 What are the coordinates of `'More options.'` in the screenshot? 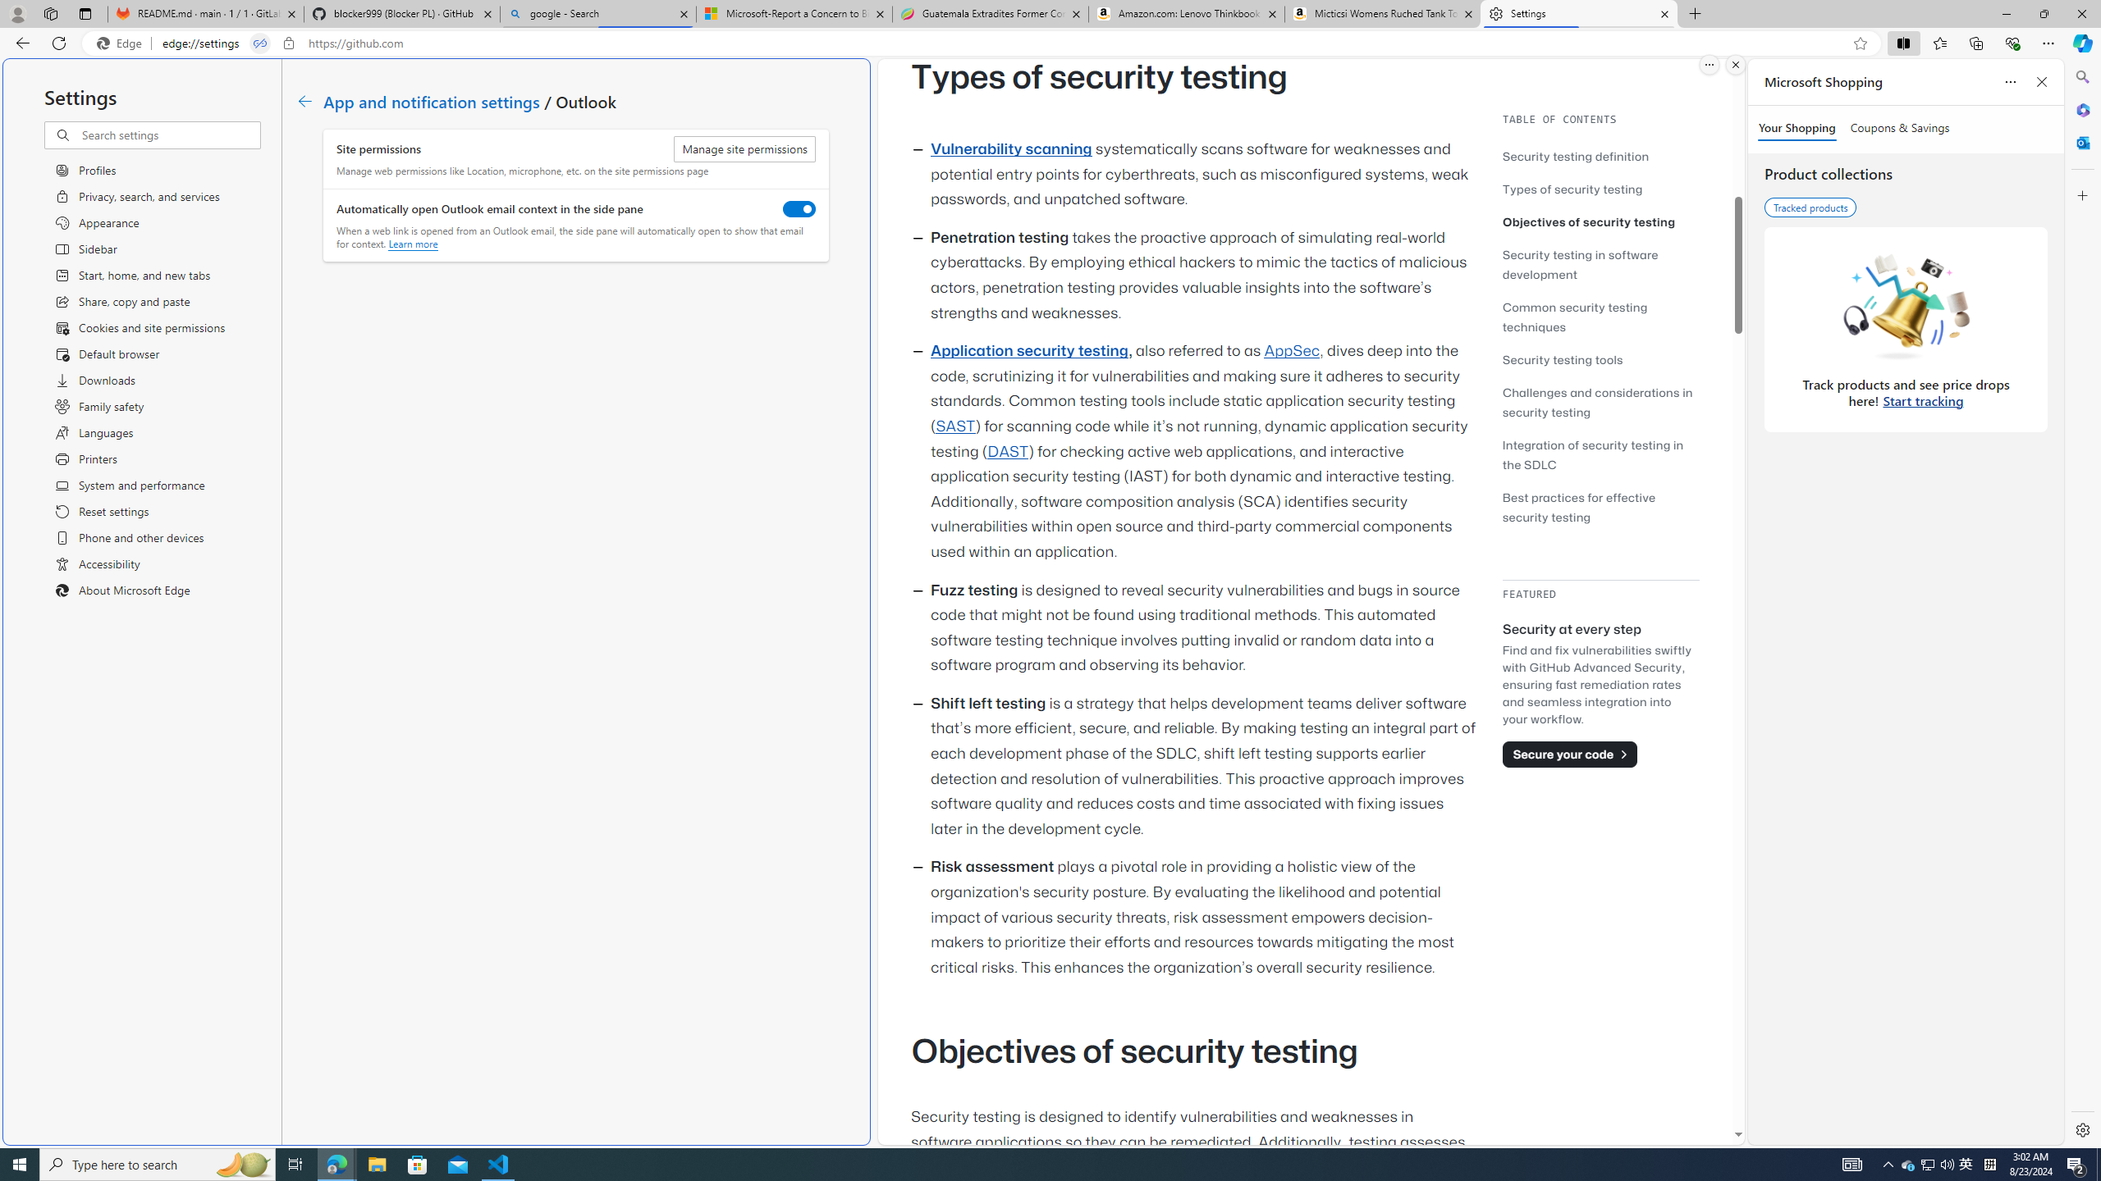 It's located at (1709, 64).